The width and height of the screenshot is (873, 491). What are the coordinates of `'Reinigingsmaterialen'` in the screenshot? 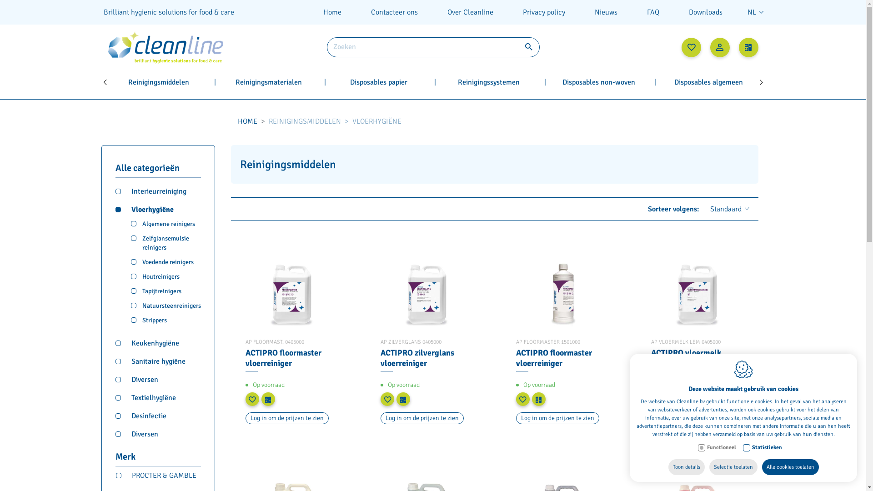 It's located at (268, 82).